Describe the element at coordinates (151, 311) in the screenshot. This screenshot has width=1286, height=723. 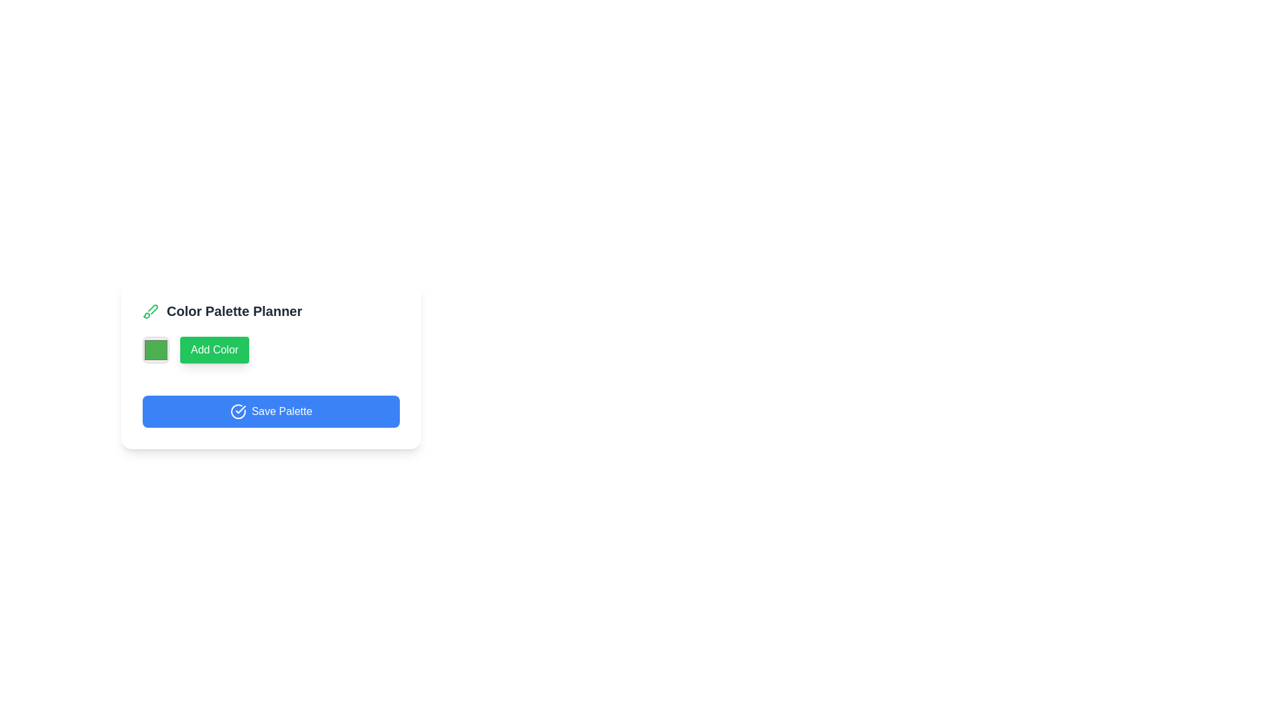
I see `the color editing icon located to the left of the 'Color Palette Planner' text, which represents the color editing feature` at that location.